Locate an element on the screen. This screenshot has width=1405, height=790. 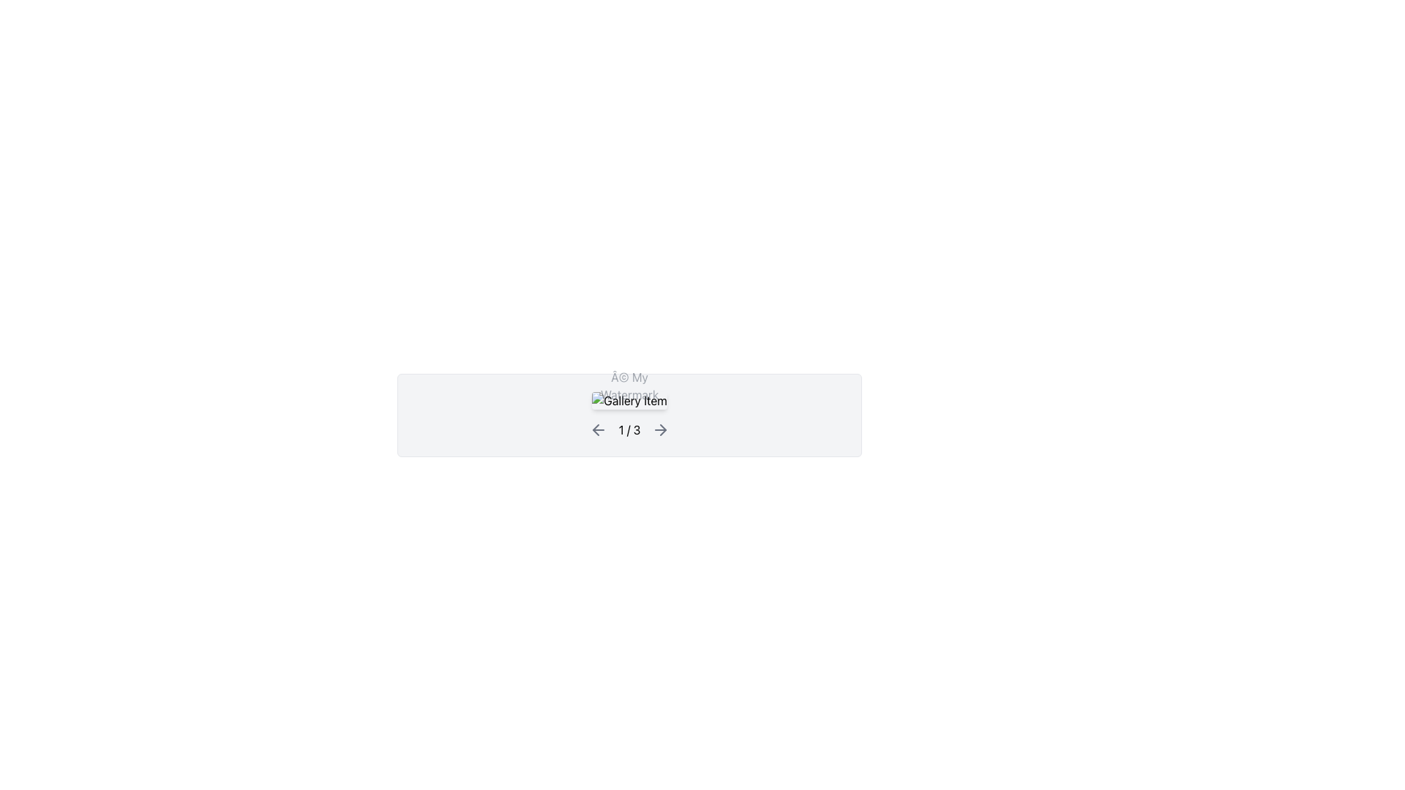
the rightward gray arrow icon indicating forward navigation, located to the right of the '1 / 3' text is located at coordinates (660, 429).